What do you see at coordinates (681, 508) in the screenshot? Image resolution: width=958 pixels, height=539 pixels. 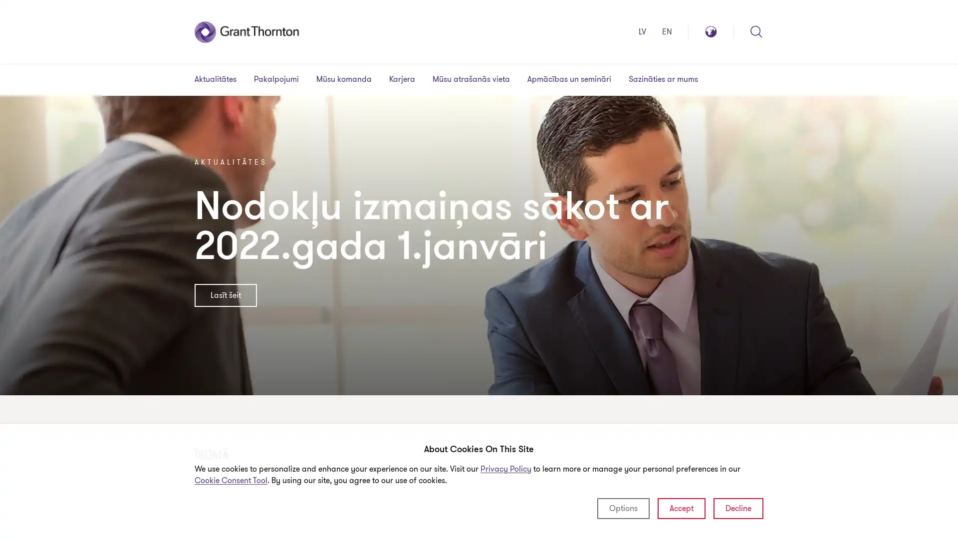 I see `Accept` at bounding box center [681, 508].